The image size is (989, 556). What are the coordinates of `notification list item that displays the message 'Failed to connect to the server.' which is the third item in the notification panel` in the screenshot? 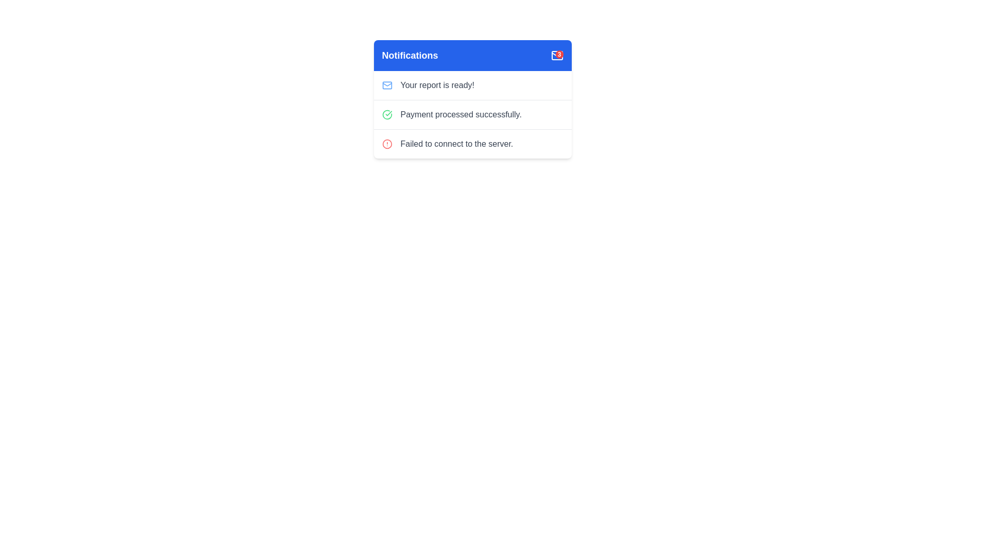 It's located at (472, 144).